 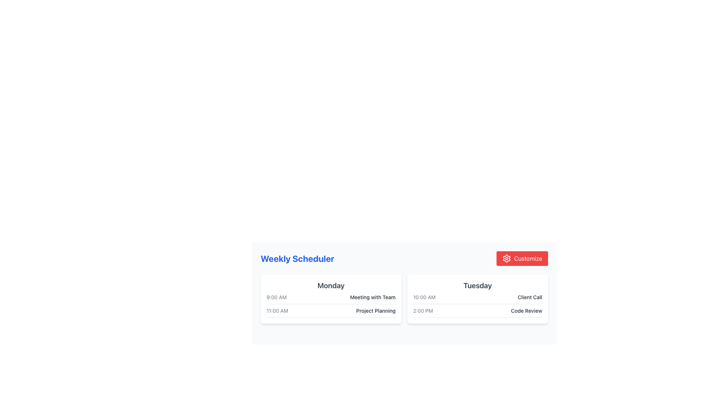 What do you see at coordinates (376, 311) in the screenshot?
I see `text label that displays 'Project Planning', which is styled in medium-sized dark gray font and positioned within a card layout under 'Monday' in the weekly scheduler` at bounding box center [376, 311].